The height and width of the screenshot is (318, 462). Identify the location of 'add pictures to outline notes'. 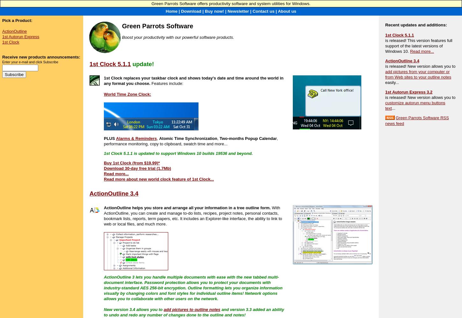
(192, 309).